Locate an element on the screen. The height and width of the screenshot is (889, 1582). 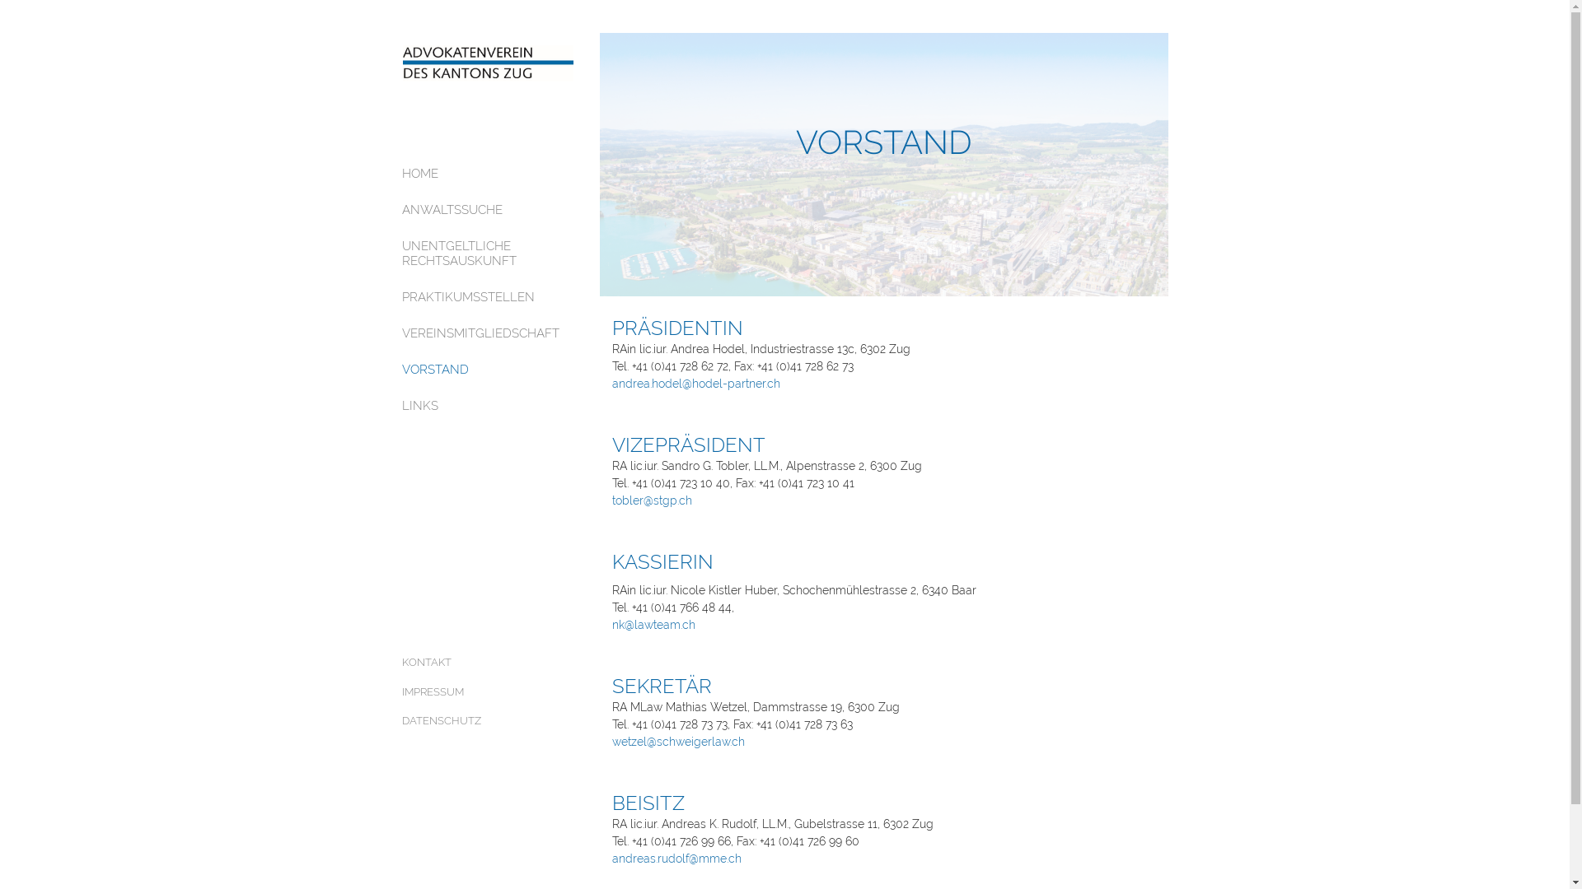
'andreas.rudolf@mme.ch' is located at coordinates (676, 857).